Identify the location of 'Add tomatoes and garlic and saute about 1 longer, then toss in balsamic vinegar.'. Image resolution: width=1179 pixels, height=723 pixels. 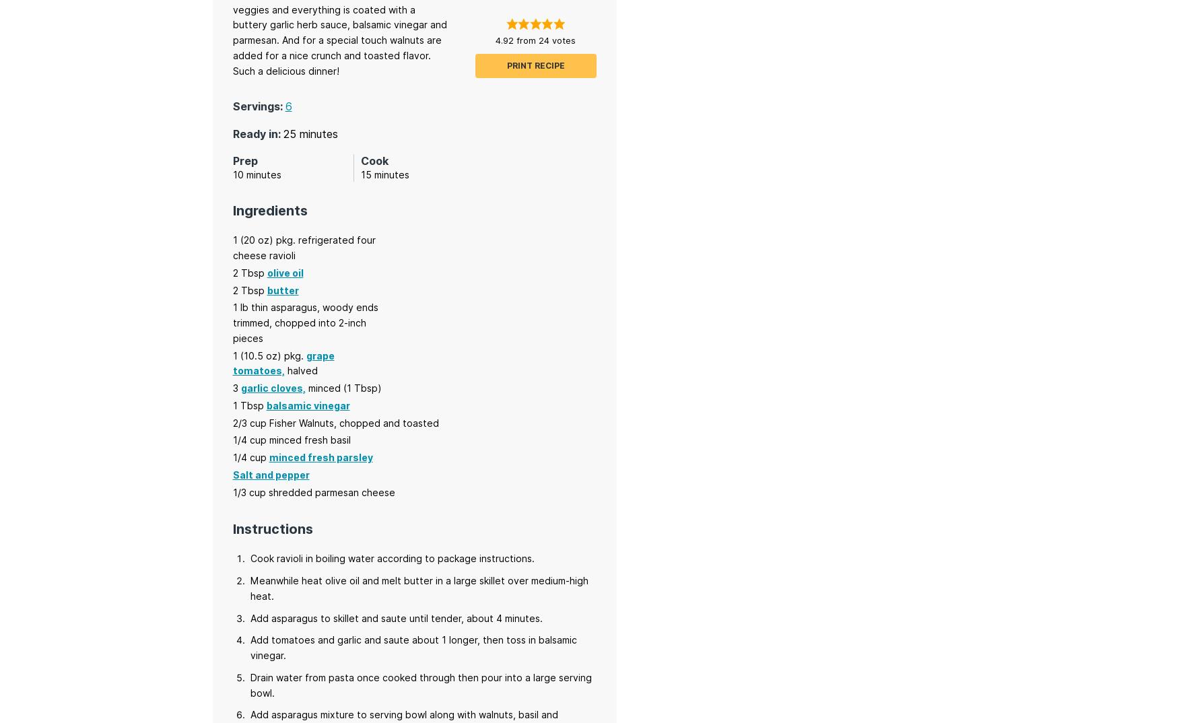
(413, 647).